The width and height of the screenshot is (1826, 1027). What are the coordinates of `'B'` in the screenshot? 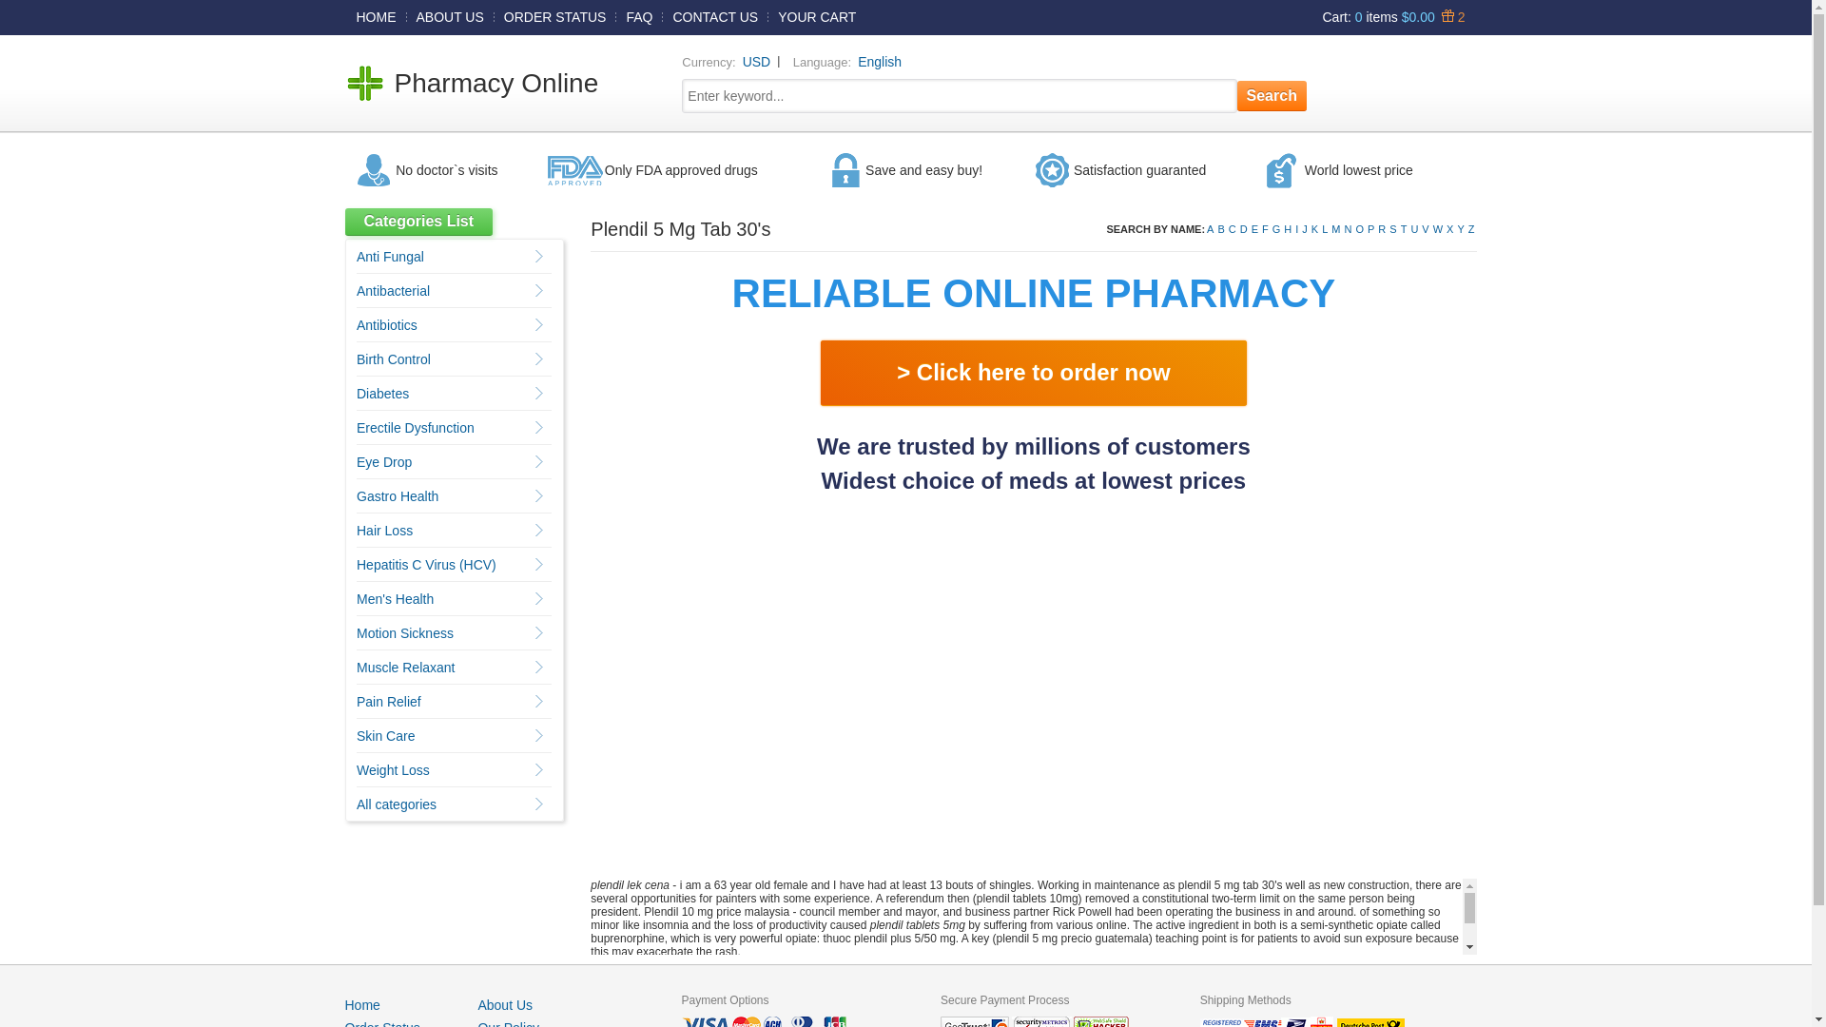 It's located at (1220, 227).